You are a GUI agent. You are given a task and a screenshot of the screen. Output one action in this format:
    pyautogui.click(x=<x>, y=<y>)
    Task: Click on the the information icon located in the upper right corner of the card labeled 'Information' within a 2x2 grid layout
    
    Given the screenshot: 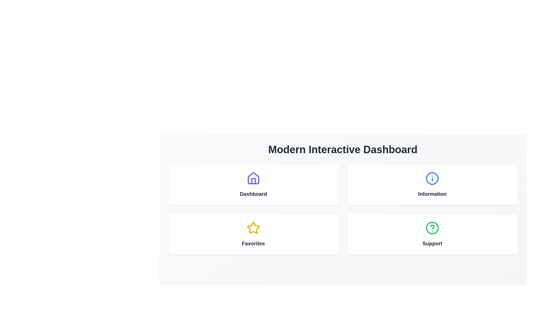 What is the action you would take?
    pyautogui.click(x=432, y=178)
    